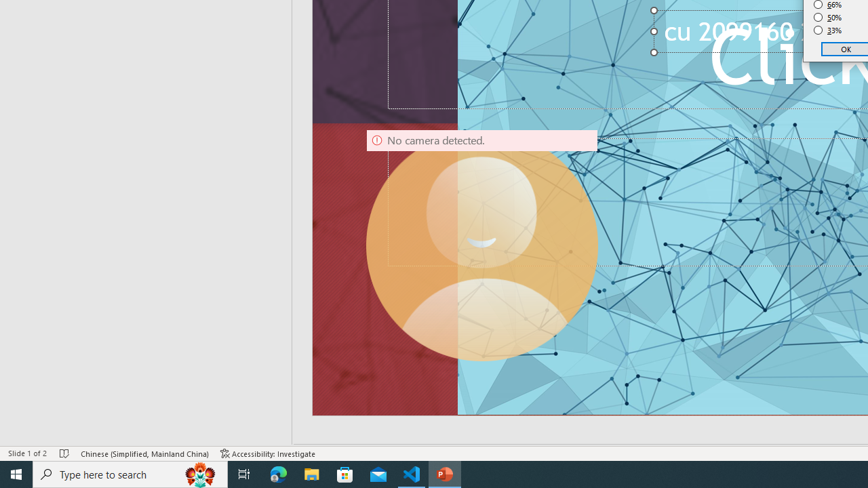 The height and width of the screenshot is (488, 868). What do you see at coordinates (243, 473) in the screenshot?
I see `'Task View'` at bounding box center [243, 473].